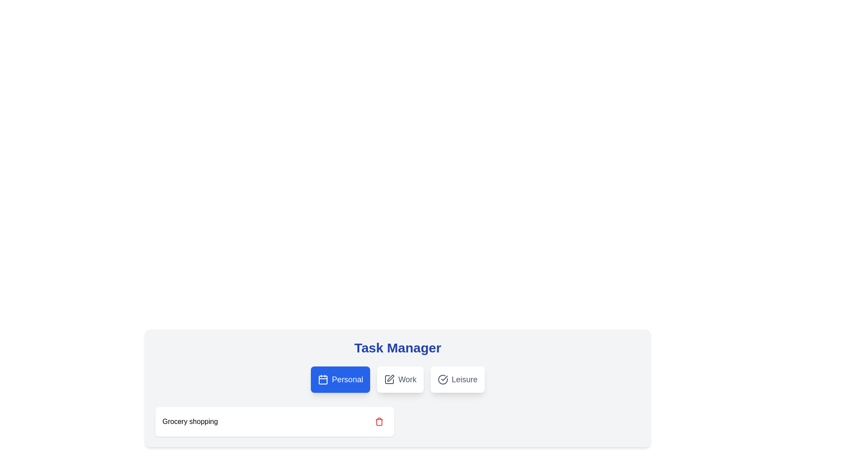 This screenshot has width=843, height=474. I want to click on the rectangular SVG shape within the calendar-related icon, which is part of the blue 'Personal' button in the task manager interface, so click(323, 380).